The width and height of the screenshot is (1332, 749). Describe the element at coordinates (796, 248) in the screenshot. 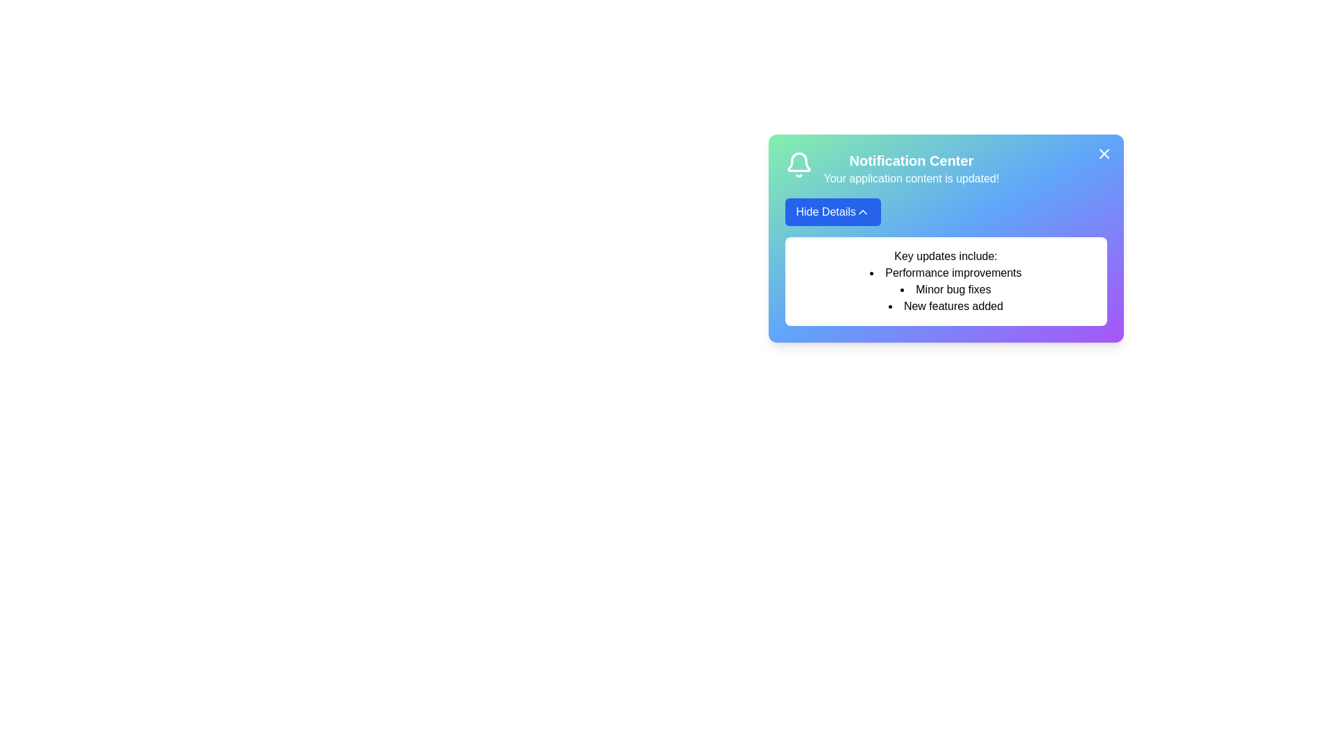

I see `the text content of the notification for copying` at that location.